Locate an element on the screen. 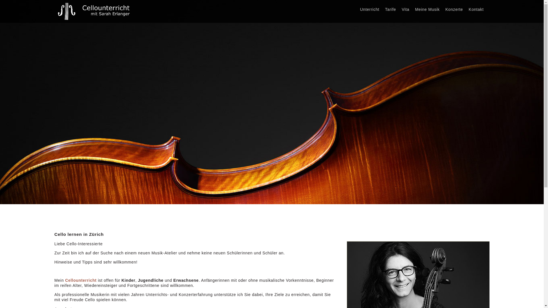 The height and width of the screenshot is (308, 548). ' ' is located at coordinates (489, 7).